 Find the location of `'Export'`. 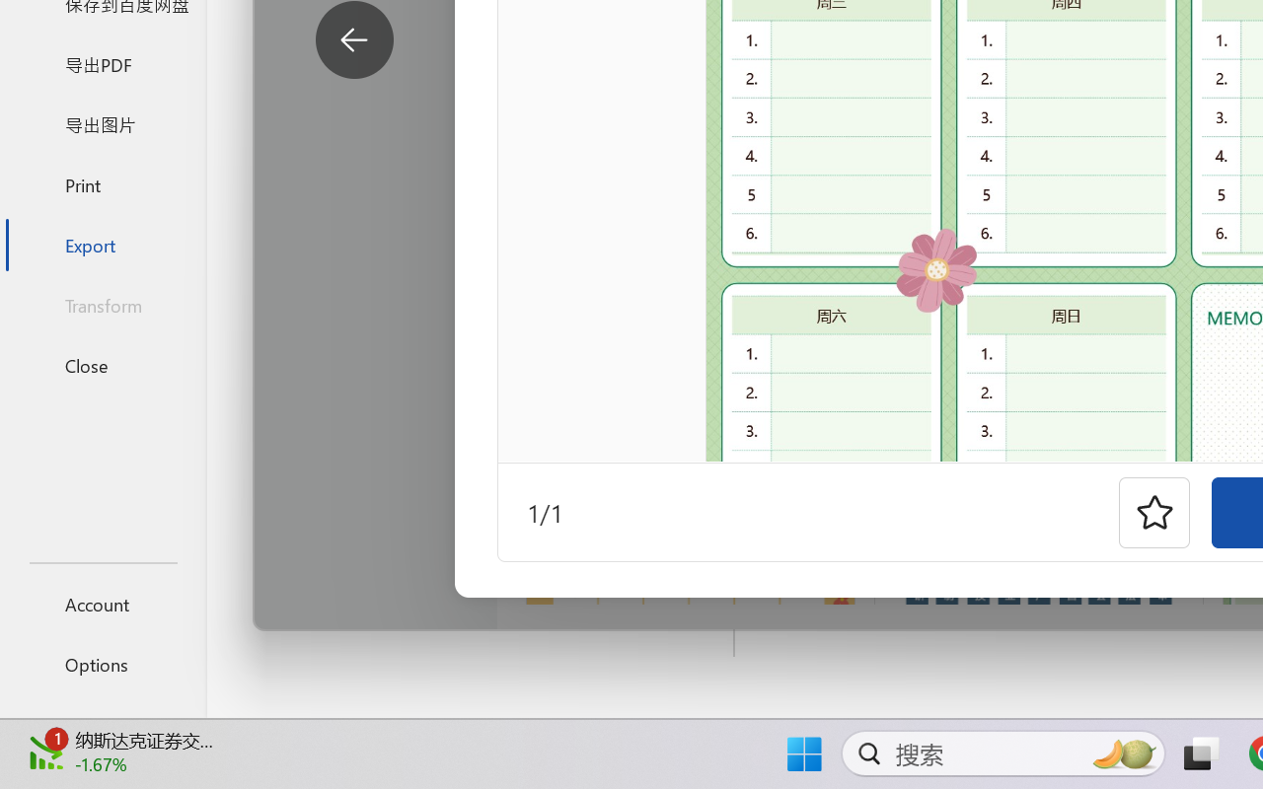

'Export' is located at coordinates (102, 244).